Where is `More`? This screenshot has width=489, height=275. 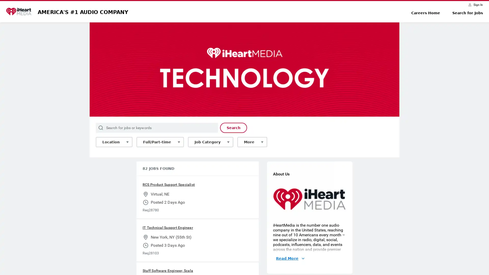
More is located at coordinates (238, 142).